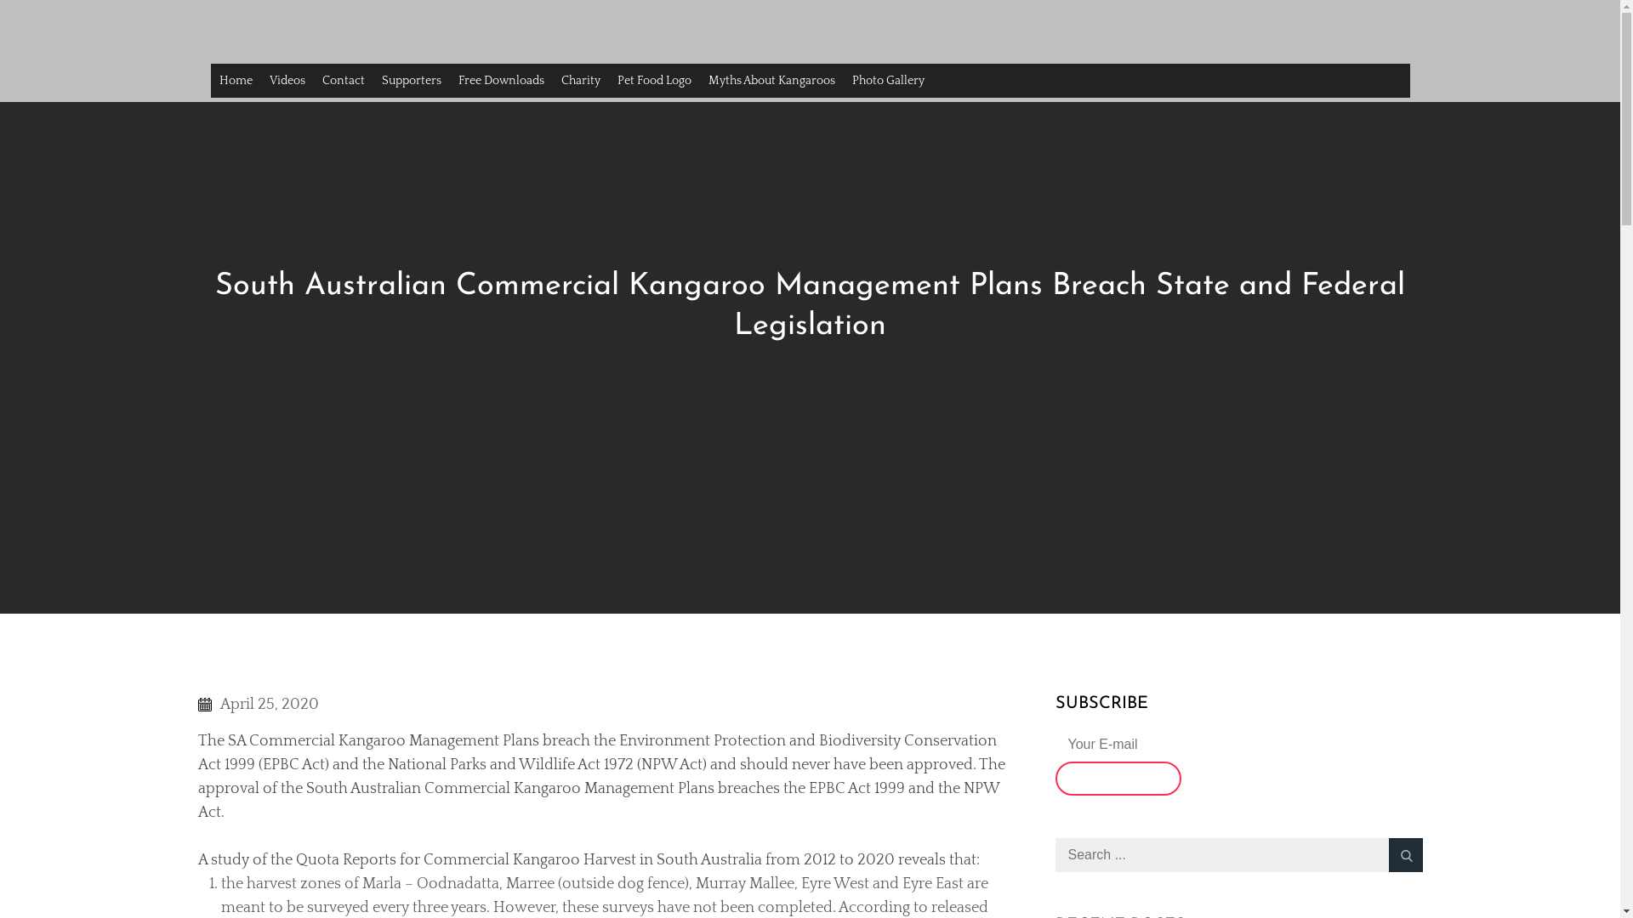  Describe the element at coordinates (371, 81) in the screenshot. I see `'Supporters'` at that location.